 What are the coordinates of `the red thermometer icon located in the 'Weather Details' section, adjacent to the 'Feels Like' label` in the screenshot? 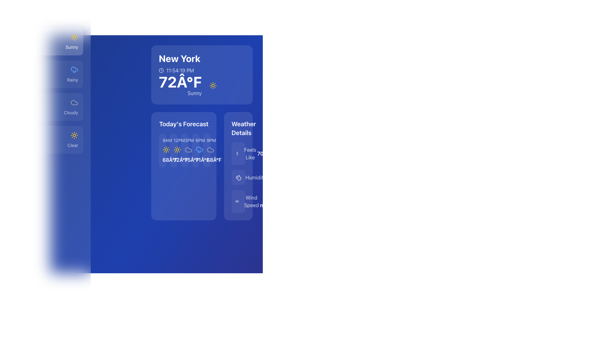 It's located at (237, 154).